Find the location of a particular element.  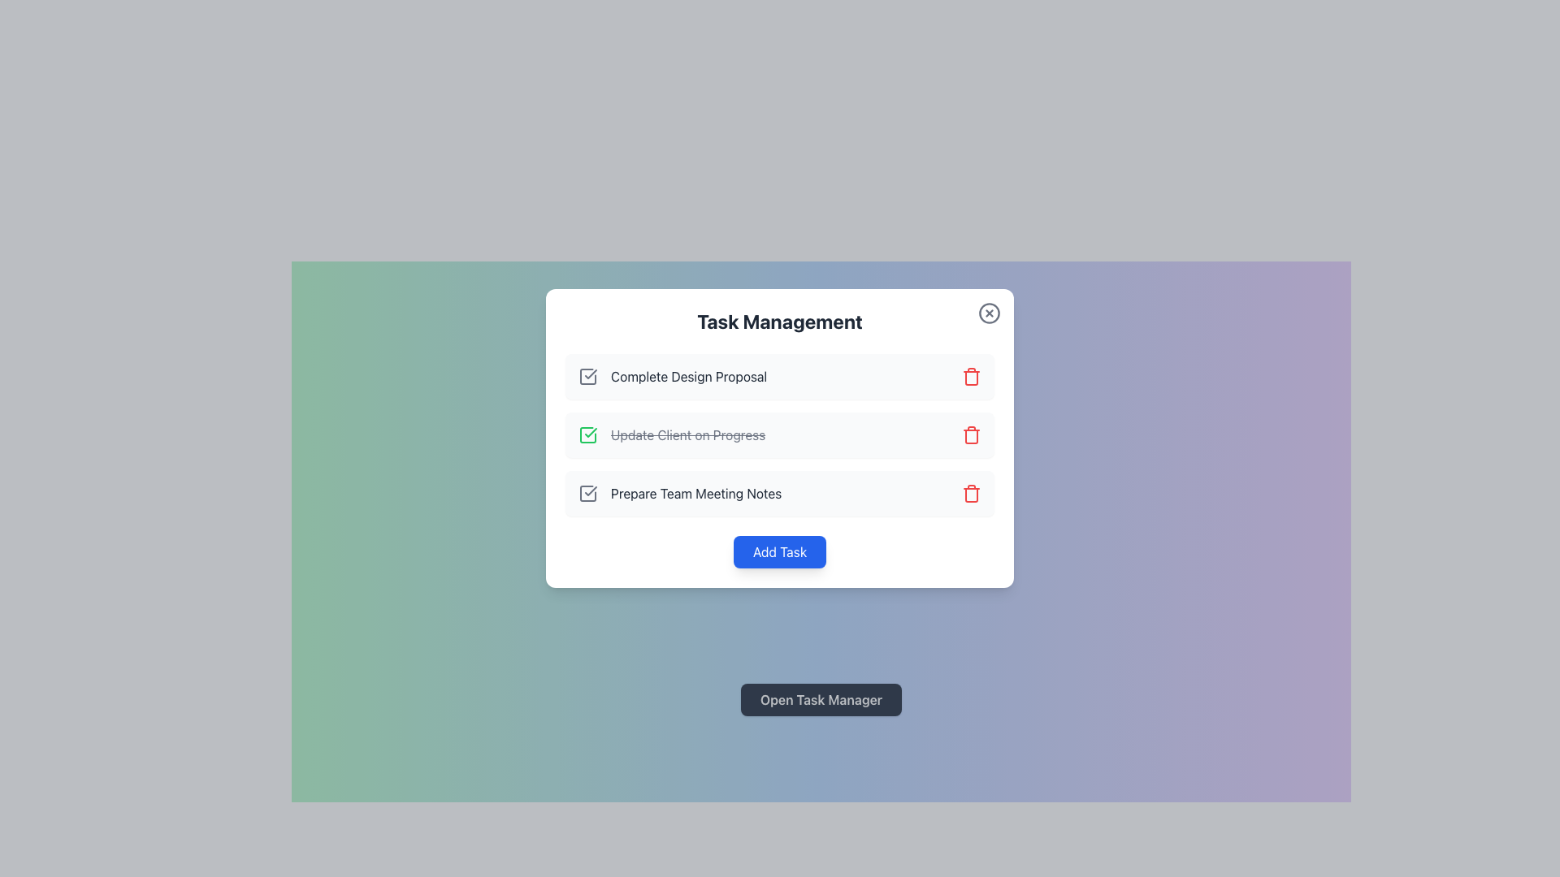

the text label 'Update Client on Progress' with a strikethrough style, indicating a completed item is located at coordinates (672, 434).